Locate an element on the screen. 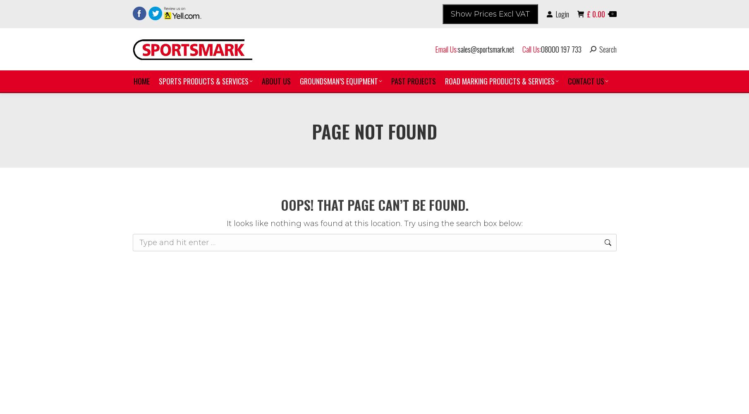  'Volleyball' is located at coordinates (184, 395).